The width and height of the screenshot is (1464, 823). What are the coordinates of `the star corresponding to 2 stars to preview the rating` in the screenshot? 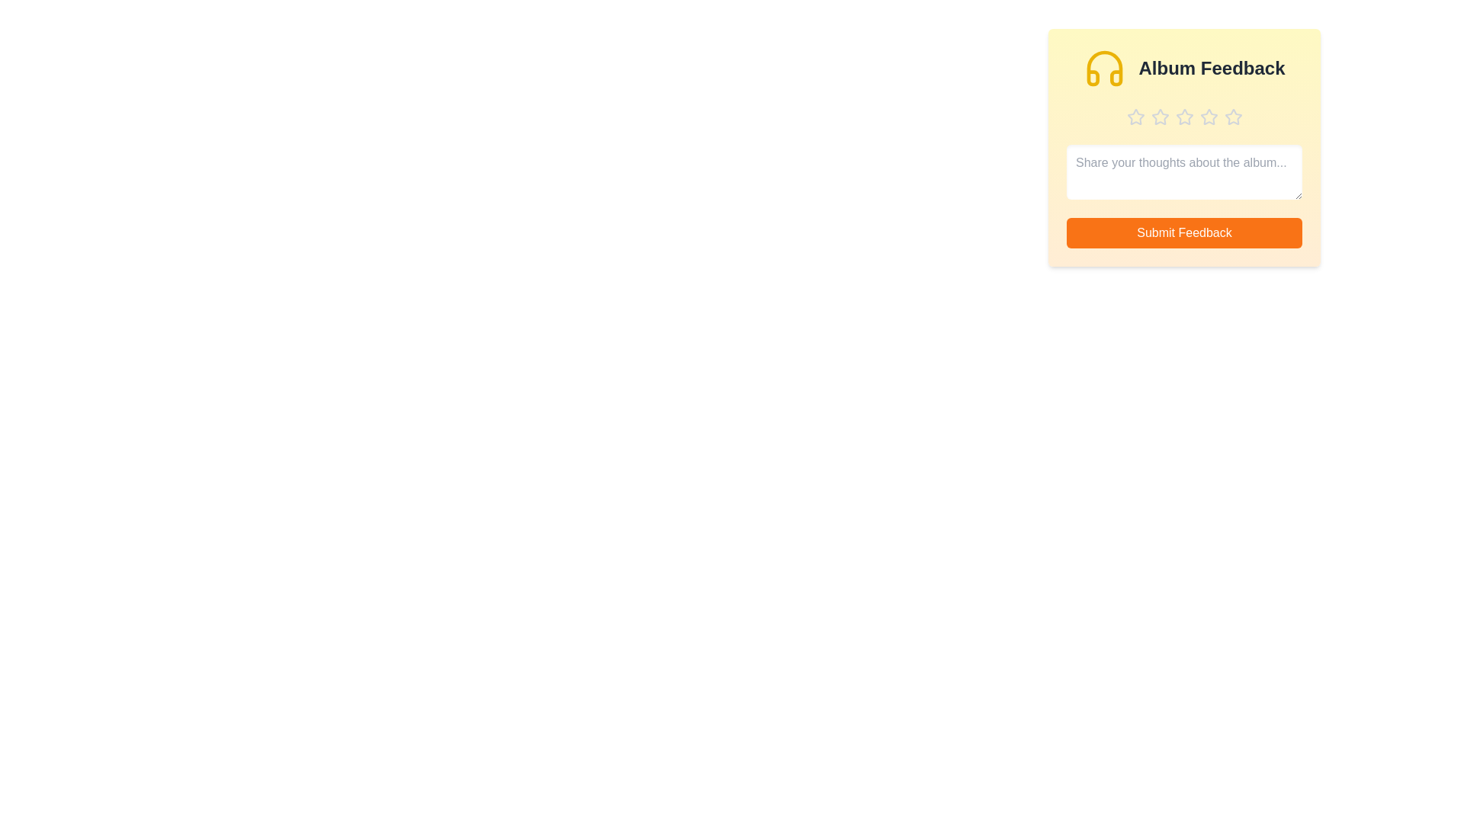 It's located at (1159, 117).